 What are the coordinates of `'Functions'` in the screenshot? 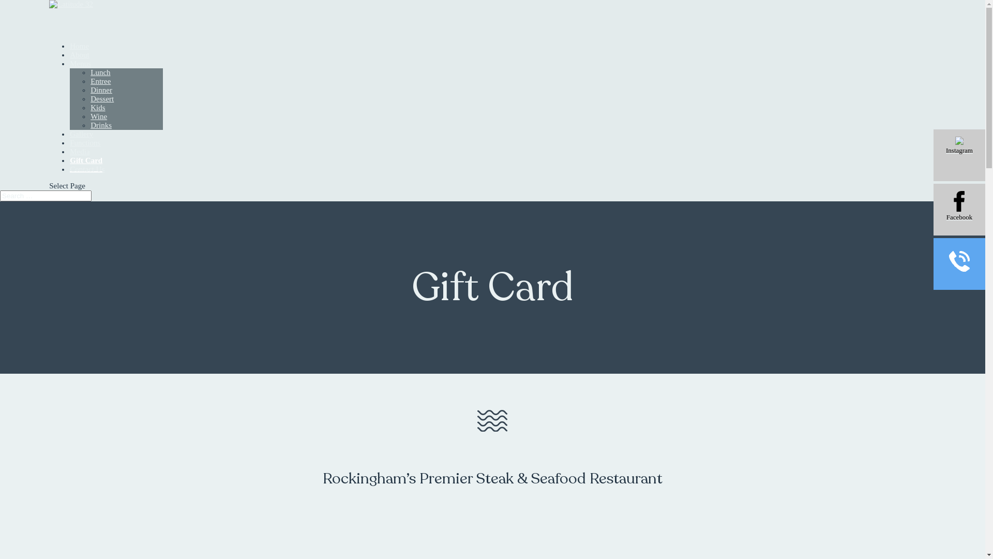 It's located at (85, 155).